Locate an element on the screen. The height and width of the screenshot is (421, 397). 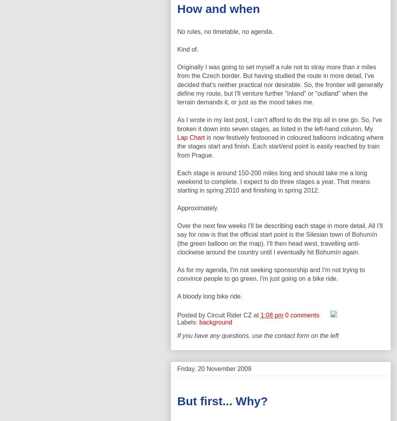
'Each stage is around 150-200 miles long and should take me a long weekend to complete. I expect to do three stages a year. That means starting in spring 2010 and finishing in spring 2012.' is located at coordinates (273, 181).